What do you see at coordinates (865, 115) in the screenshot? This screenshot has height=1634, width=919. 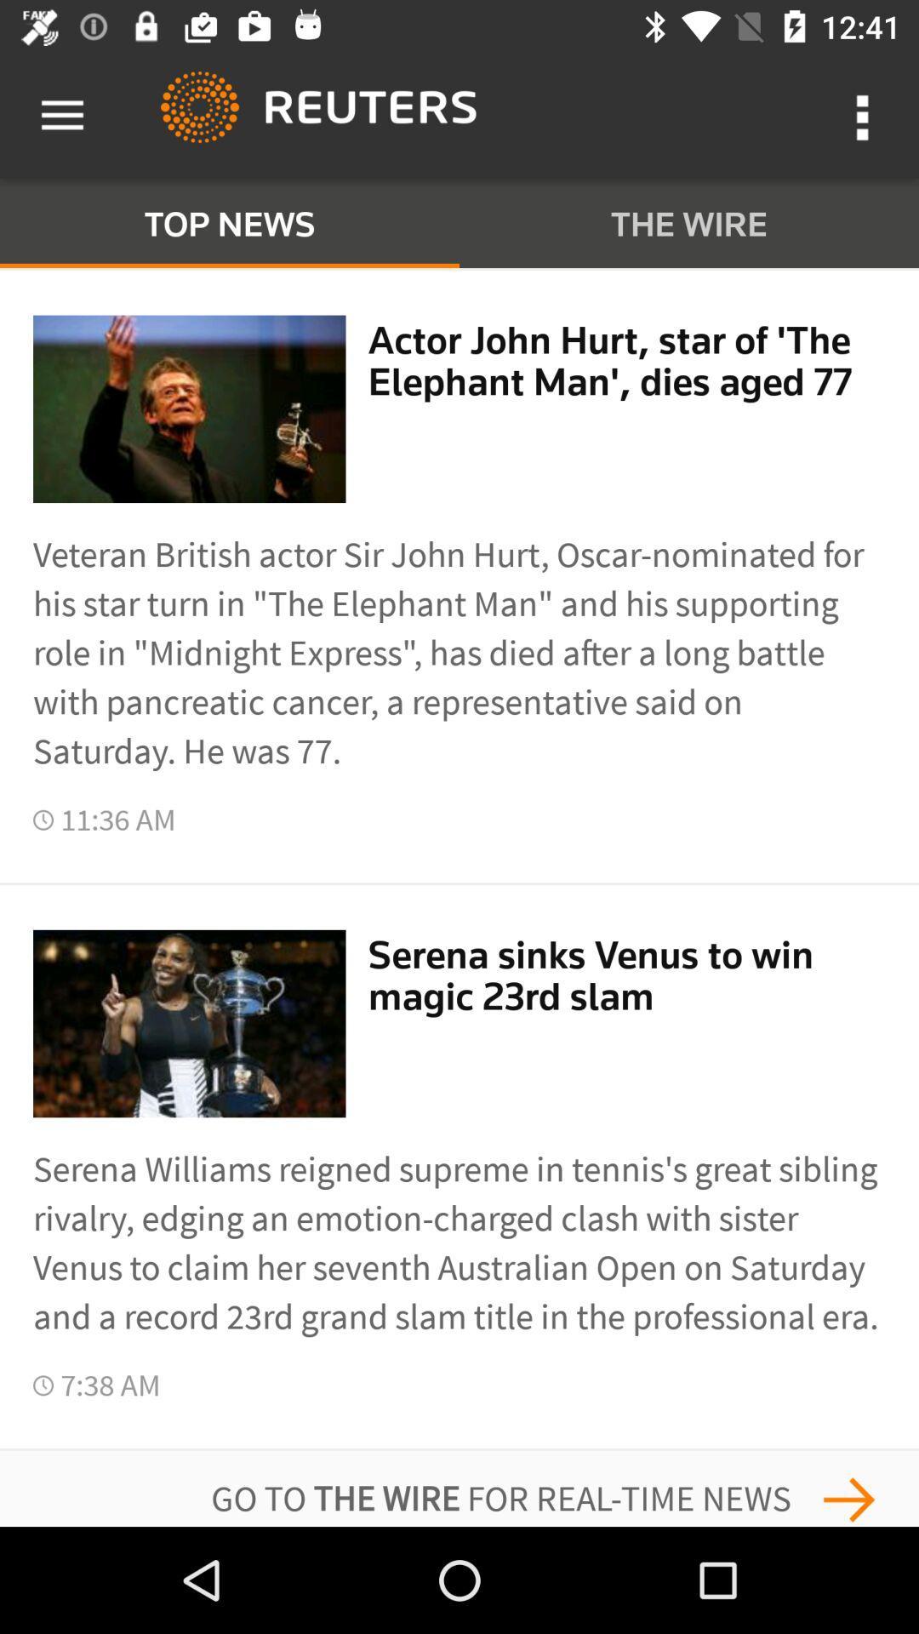 I see `item above the the wire icon` at bounding box center [865, 115].